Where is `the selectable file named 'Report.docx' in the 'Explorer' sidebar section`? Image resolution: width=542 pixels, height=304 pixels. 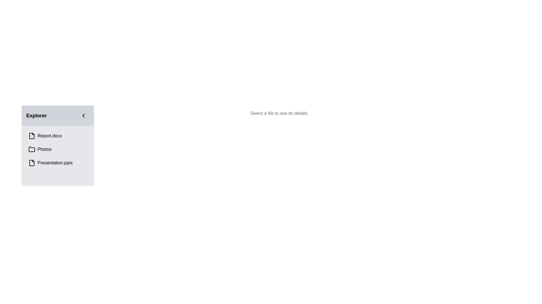
the selectable file named 'Report.docx' in the 'Explorer' sidebar section is located at coordinates (58, 136).